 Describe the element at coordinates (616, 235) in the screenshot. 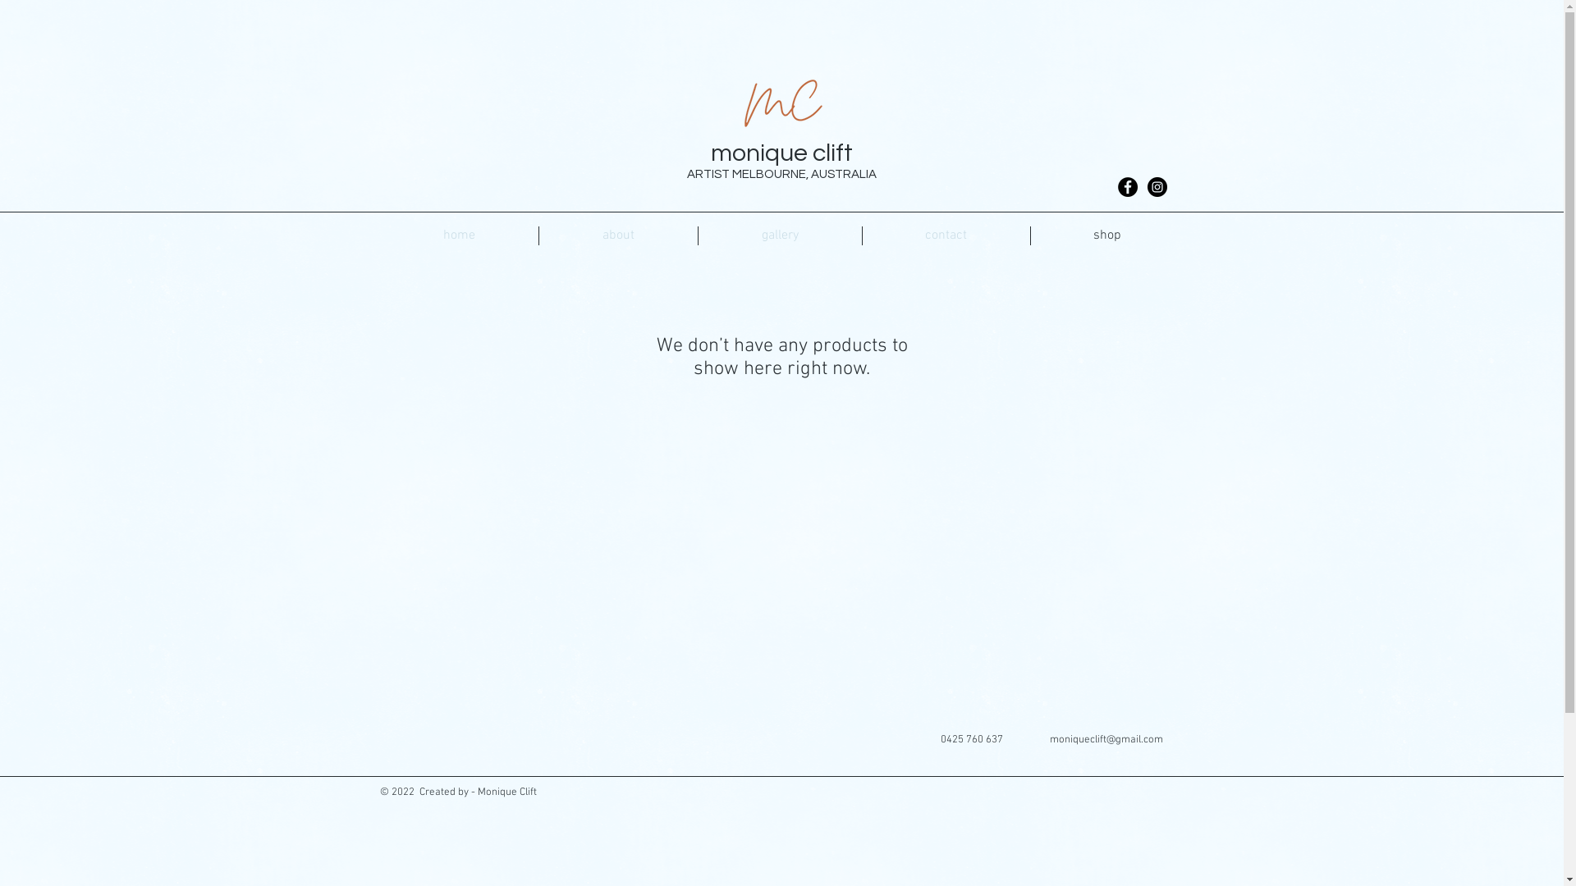

I see `'about'` at that location.